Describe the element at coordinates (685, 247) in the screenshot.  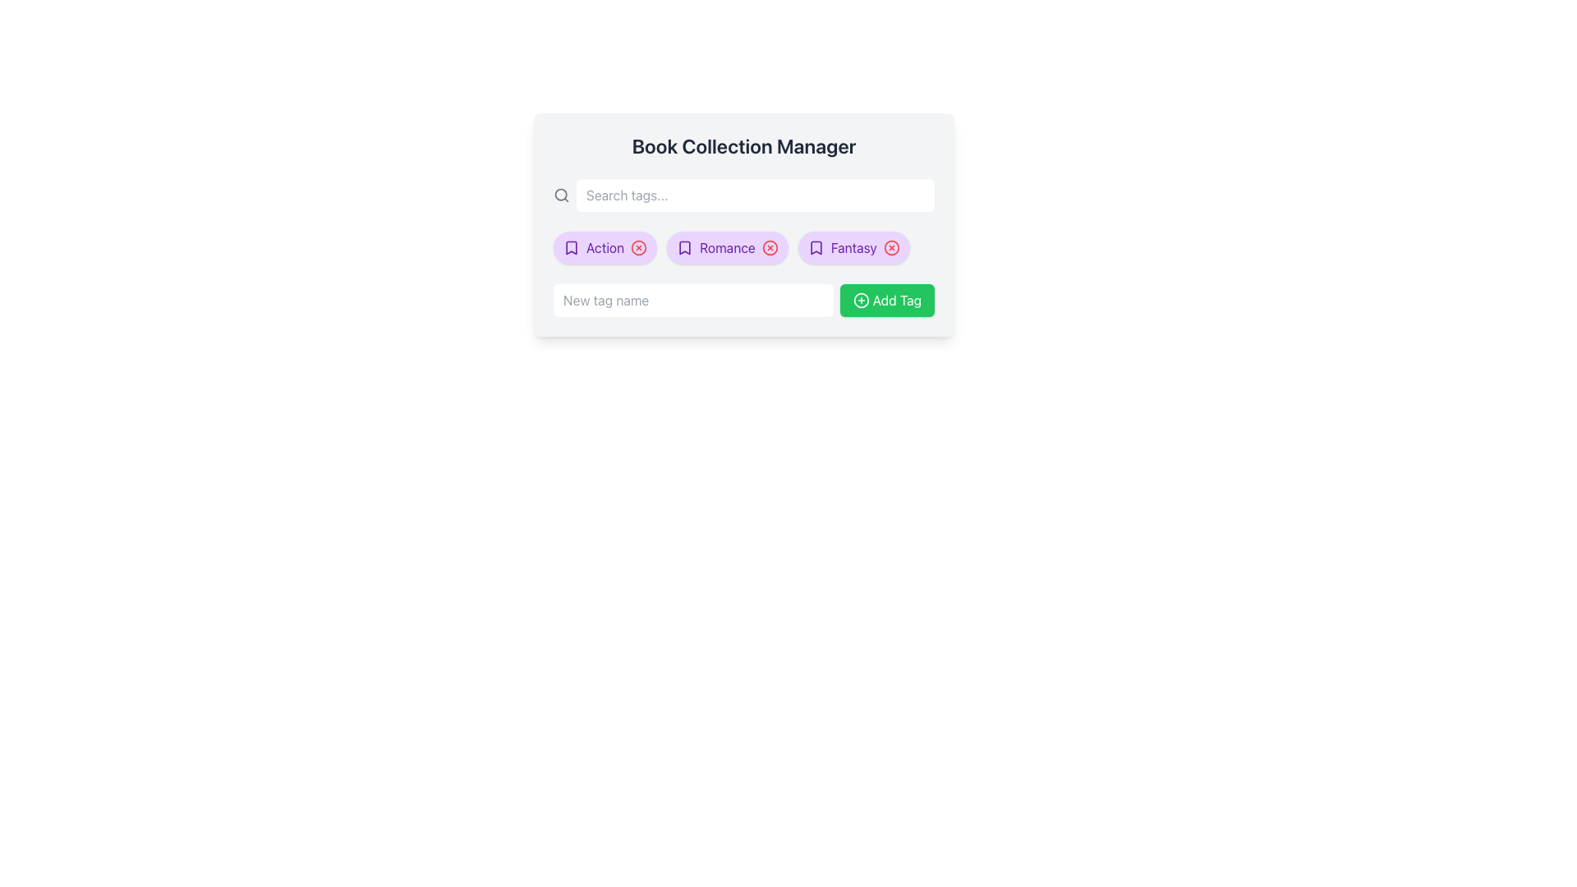
I see `the bookmark icon located to the left of the 'Romance' text in the tag component` at that location.